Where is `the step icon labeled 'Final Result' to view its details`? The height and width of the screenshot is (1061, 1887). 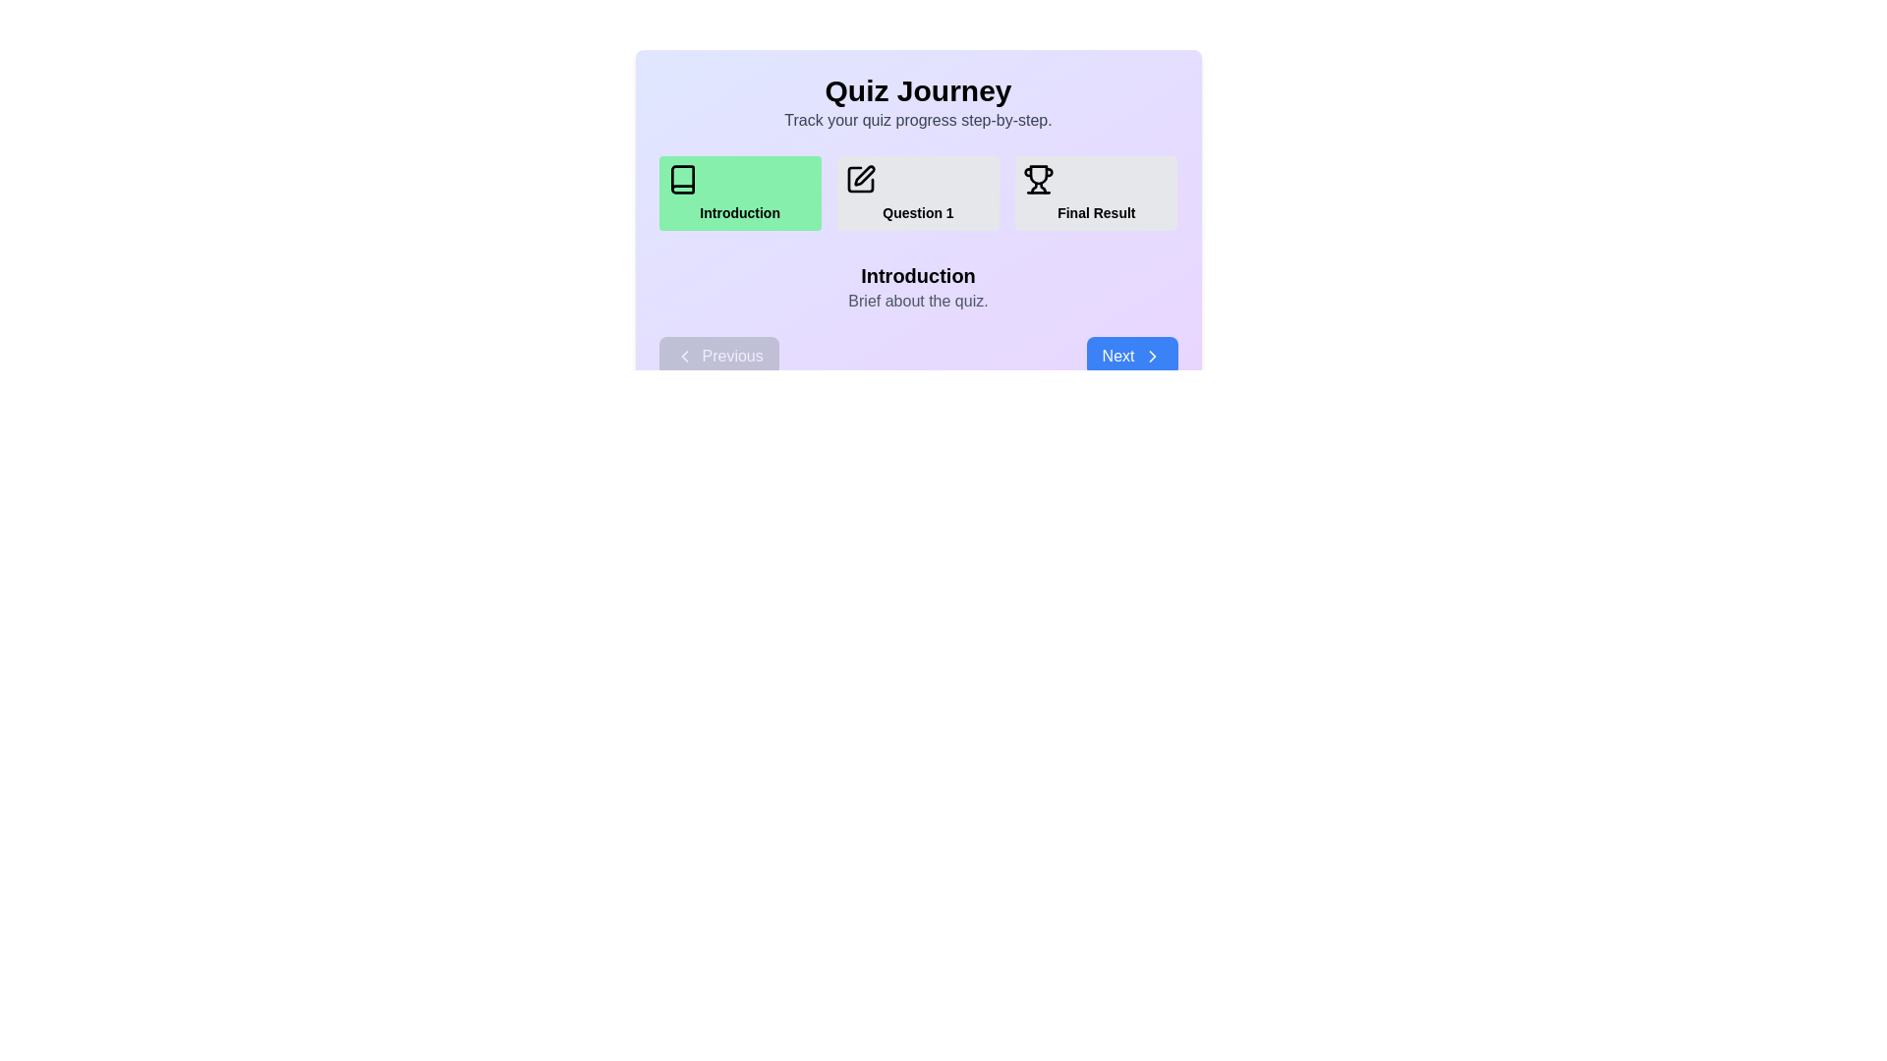
the step icon labeled 'Final Result' to view its details is located at coordinates (1096, 193).